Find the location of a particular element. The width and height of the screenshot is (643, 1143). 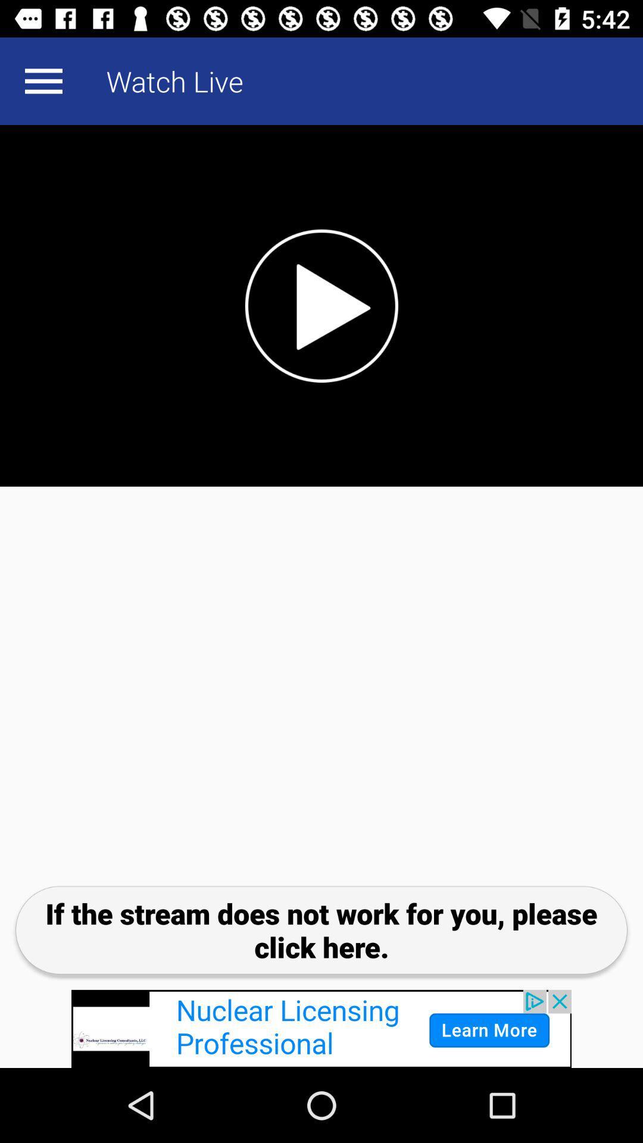

live video is located at coordinates (321, 305).